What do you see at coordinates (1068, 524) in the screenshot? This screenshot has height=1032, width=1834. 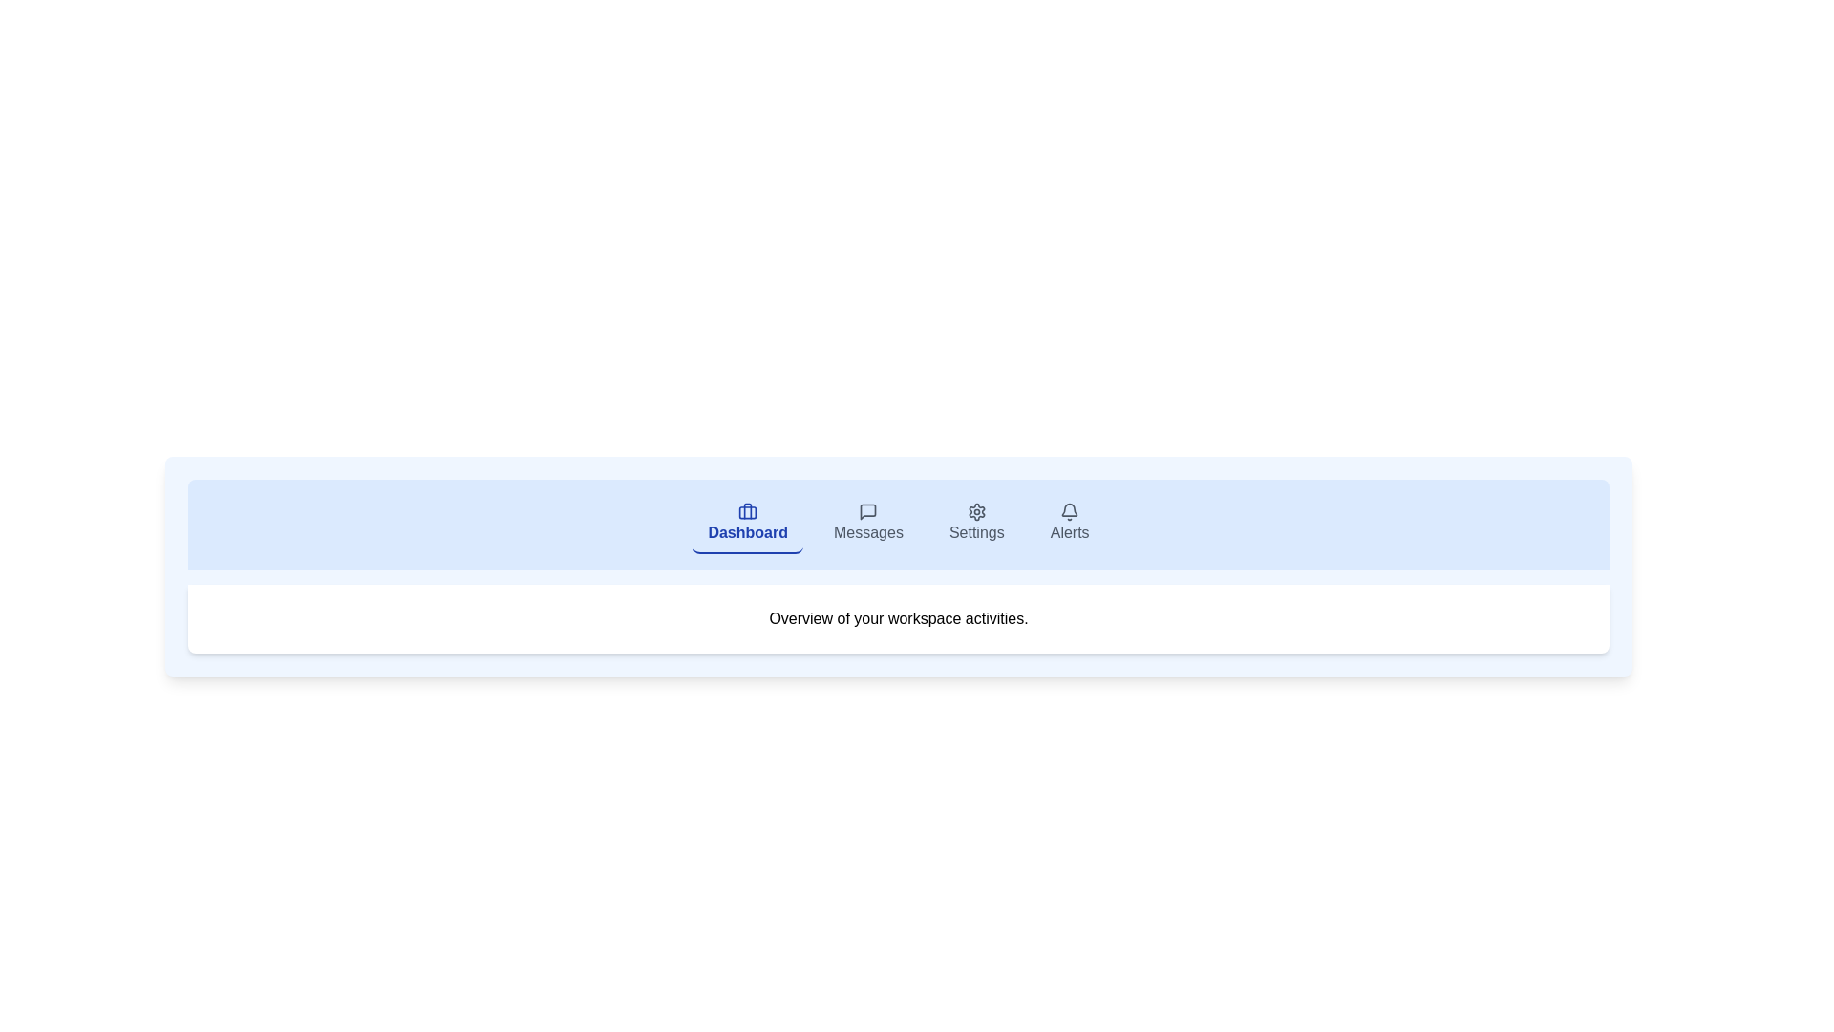 I see `the Alerts tab to switch to its view` at bounding box center [1068, 524].